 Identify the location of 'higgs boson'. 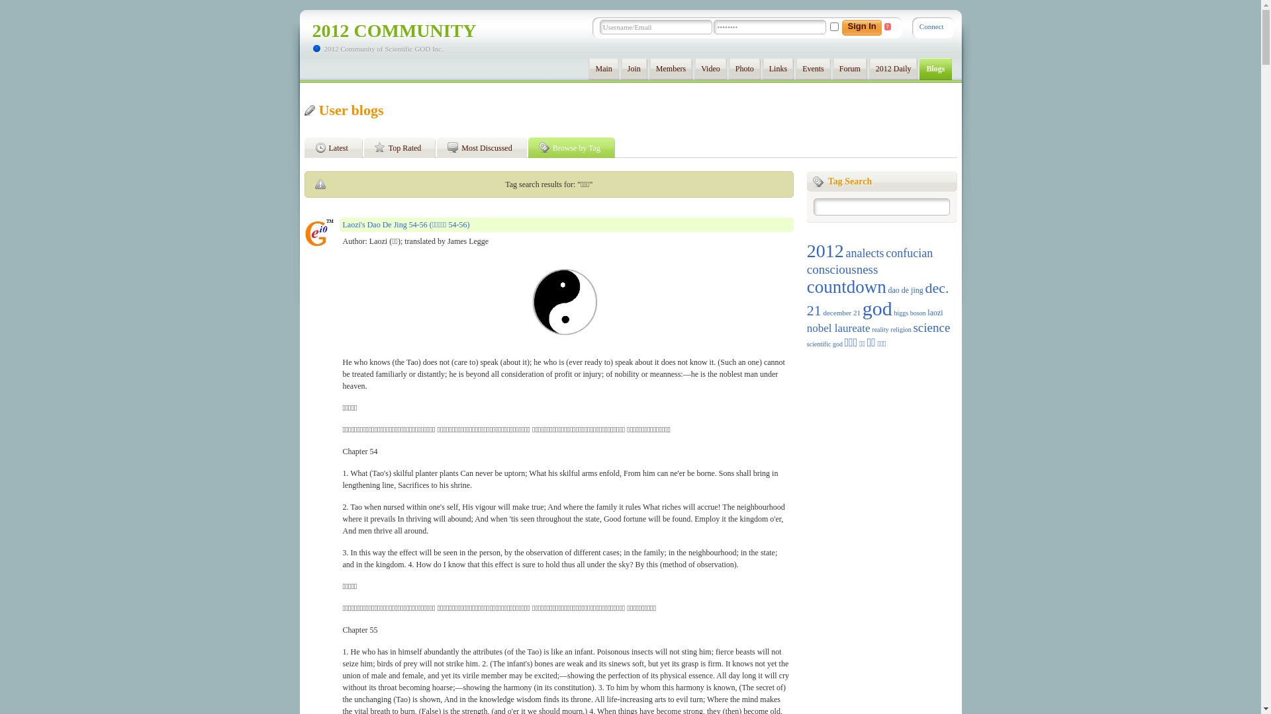
(893, 313).